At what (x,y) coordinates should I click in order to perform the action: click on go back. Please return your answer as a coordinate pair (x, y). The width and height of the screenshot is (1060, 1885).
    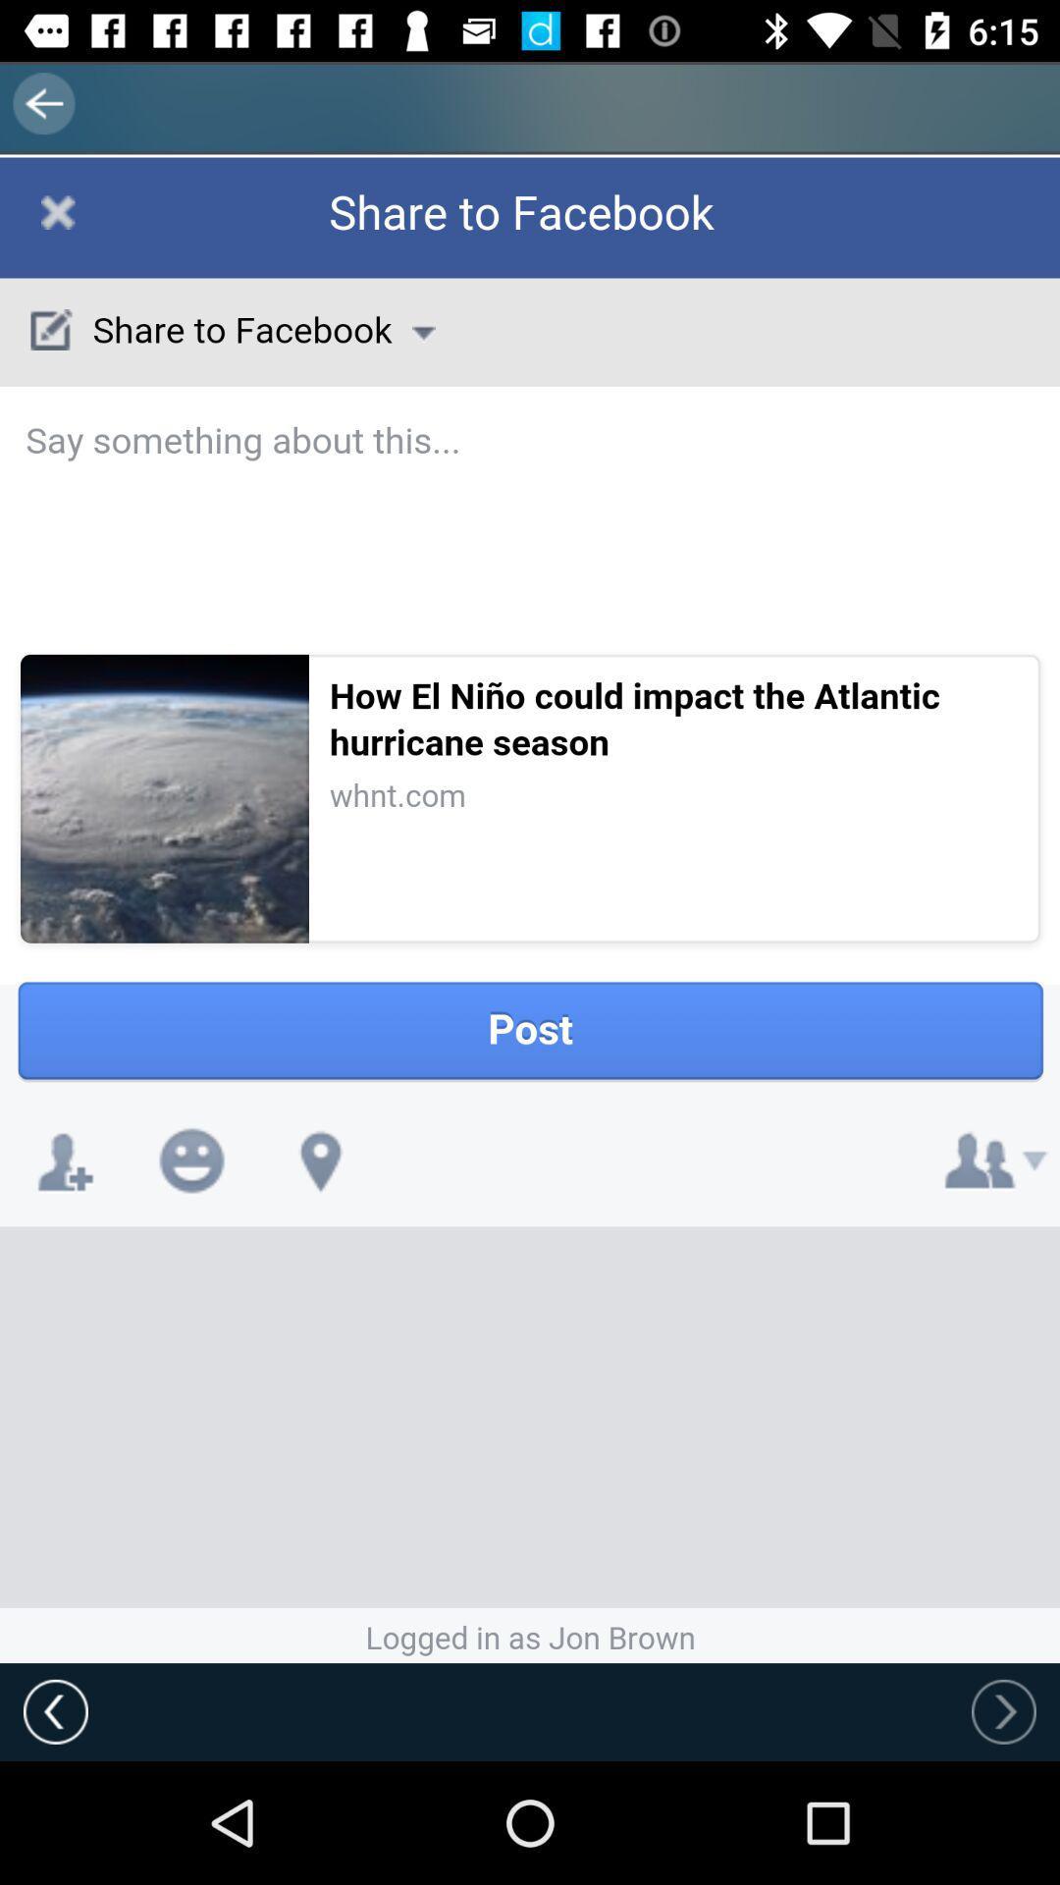
    Looking at the image, I should click on (55, 1710).